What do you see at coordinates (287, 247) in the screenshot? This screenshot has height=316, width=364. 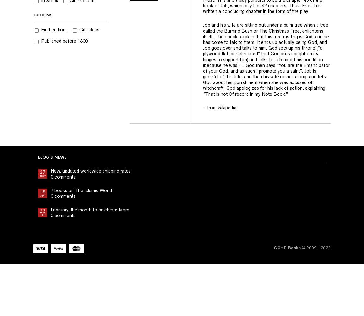 I see `'GOHD Books'` at bounding box center [287, 247].